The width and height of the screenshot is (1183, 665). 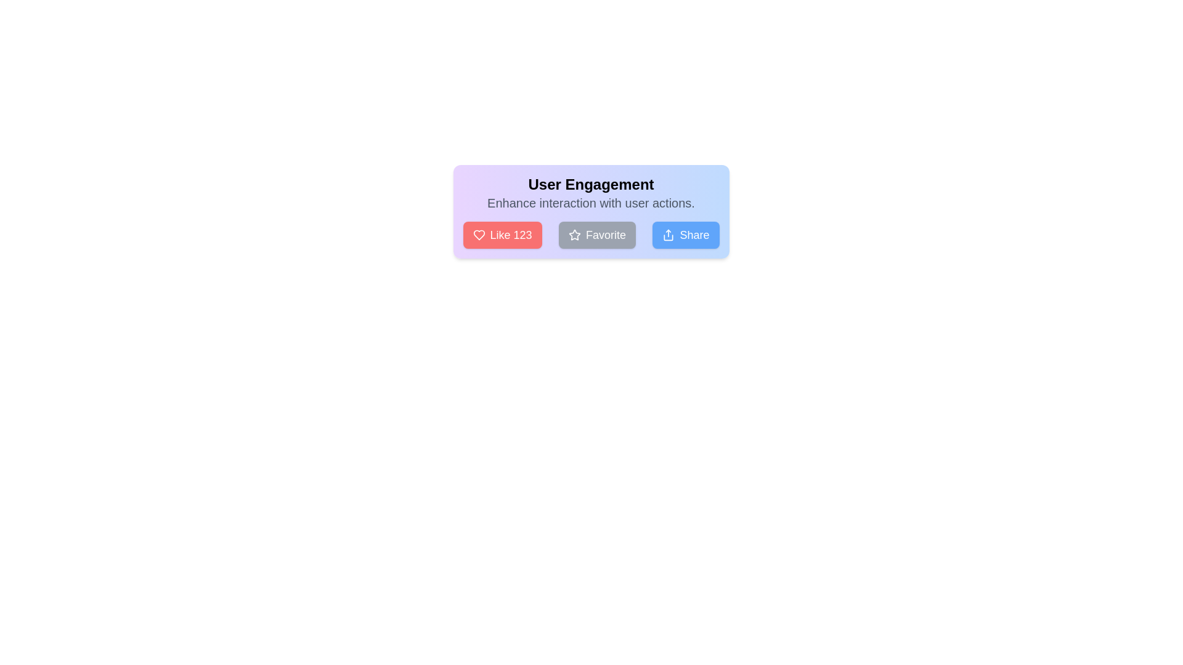 I want to click on the button containing the 'Favorite' text label, which is styled with a white font on a gray rounded rectangle, located in the middle of a row of buttons, so click(x=606, y=235).